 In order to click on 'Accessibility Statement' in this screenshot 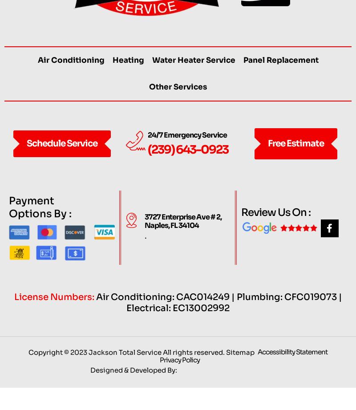, I will do `click(292, 369)`.